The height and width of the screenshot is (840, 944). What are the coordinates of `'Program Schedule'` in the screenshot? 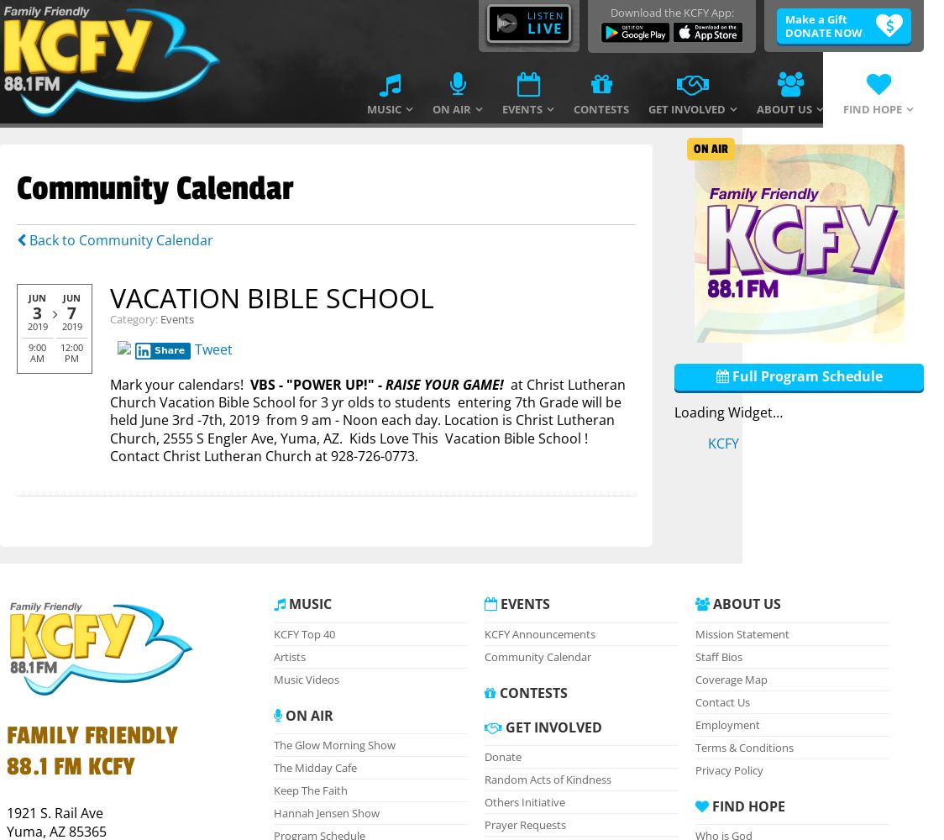 It's located at (499, 280).